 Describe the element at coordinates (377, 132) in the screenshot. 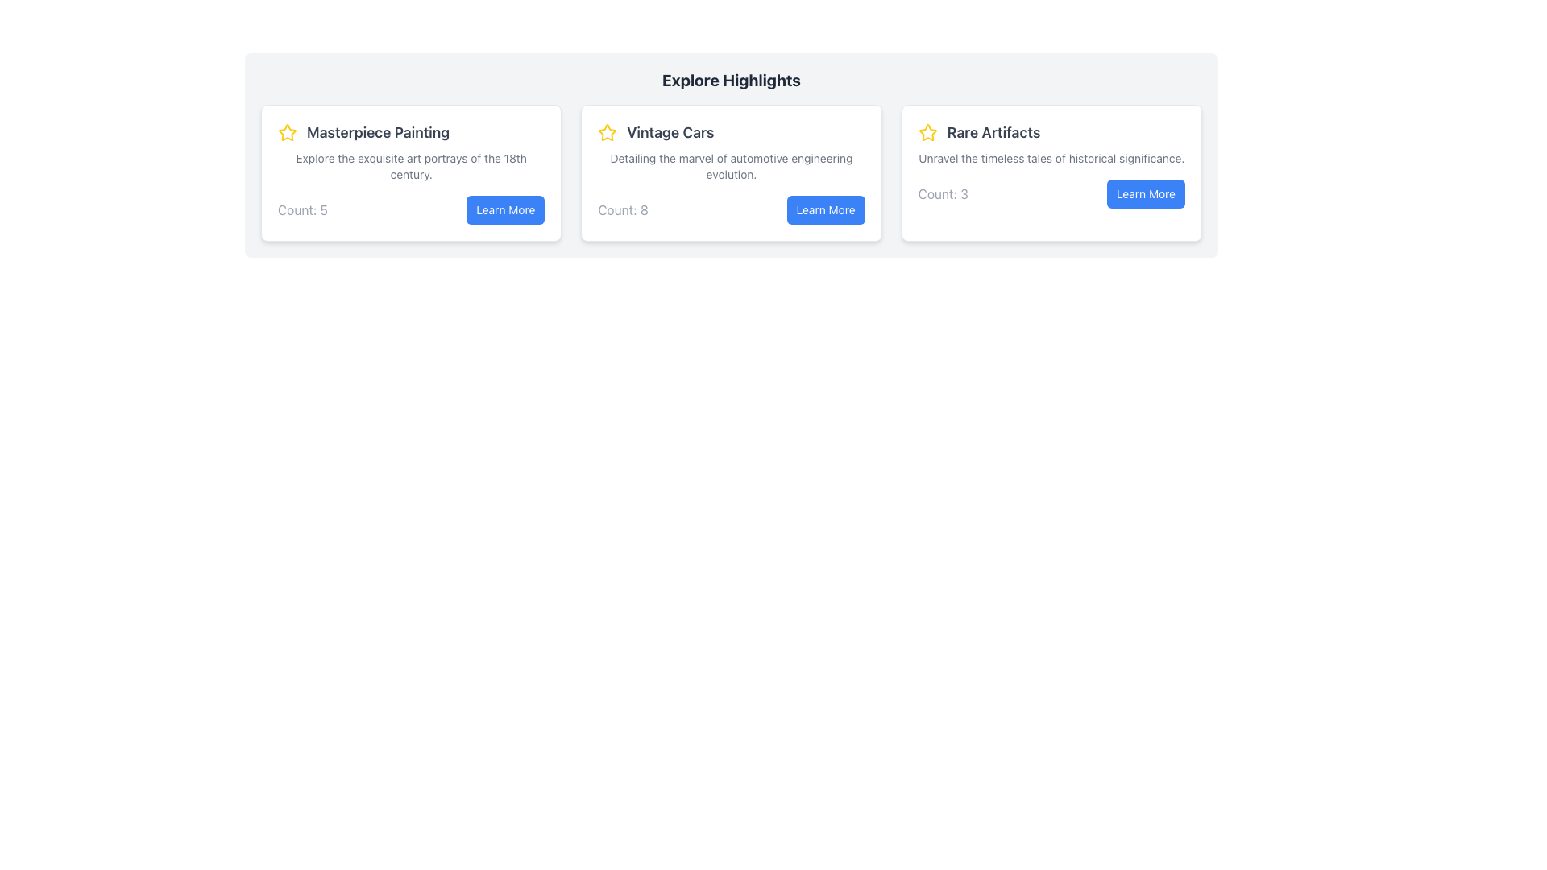

I see `the text label styled in bold and dark gray that reads 'Masterpiece Painting', which is located to the right of a yellow star icon within a card component` at that location.